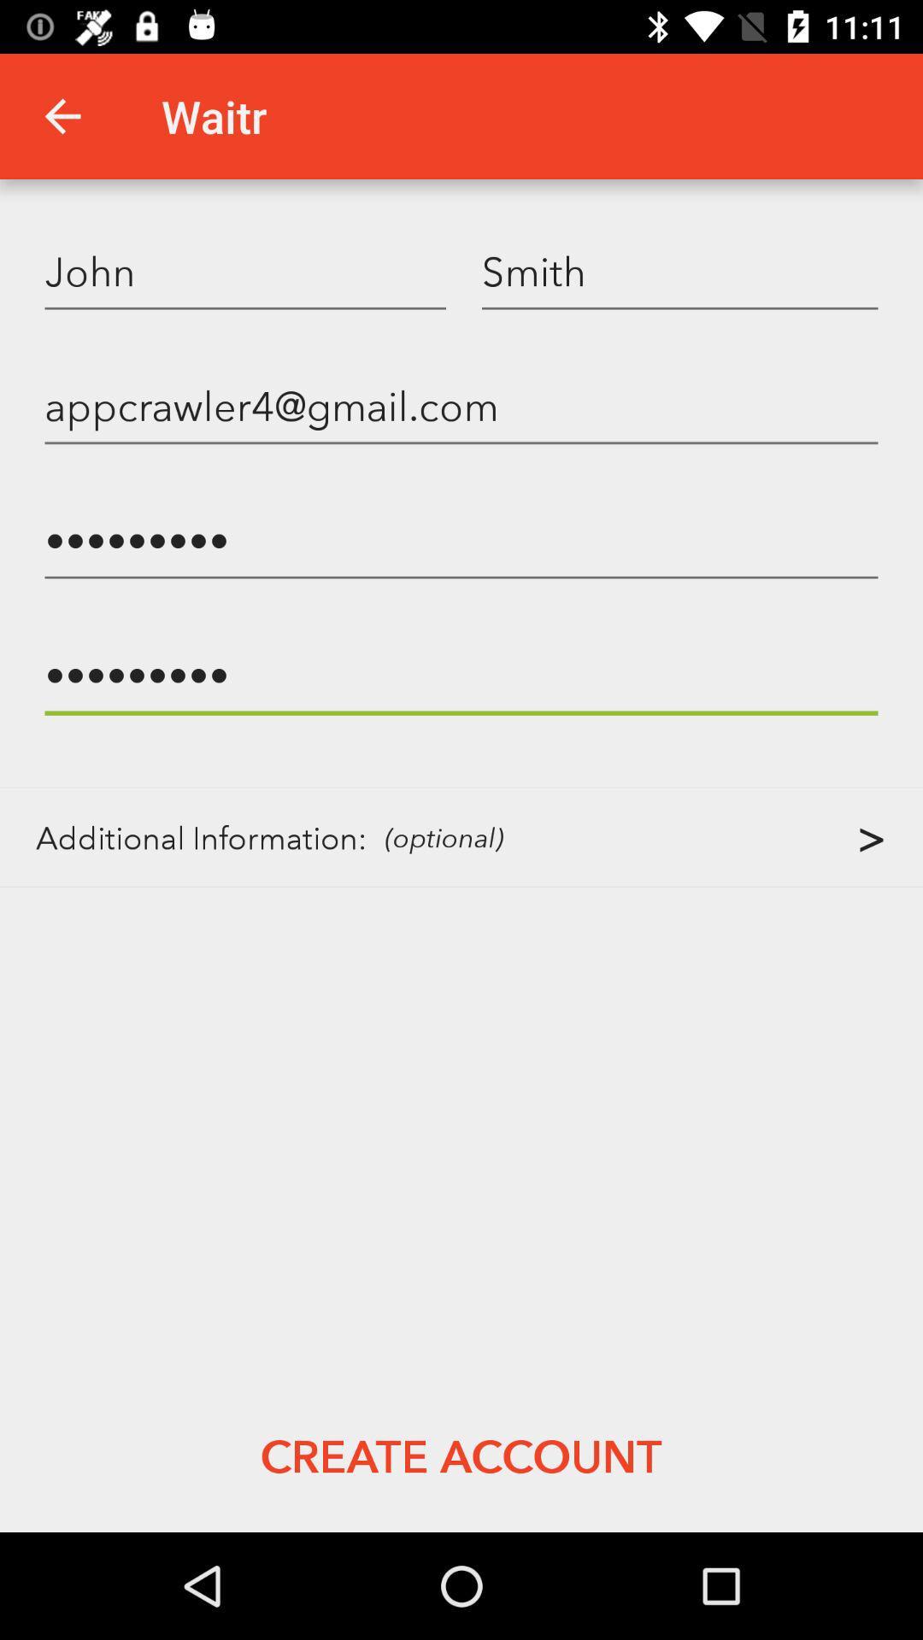 The width and height of the screenshot is (923, 1640). Describe the element at coordinates (245, 270) in the screenshot. I see `john` at that location.